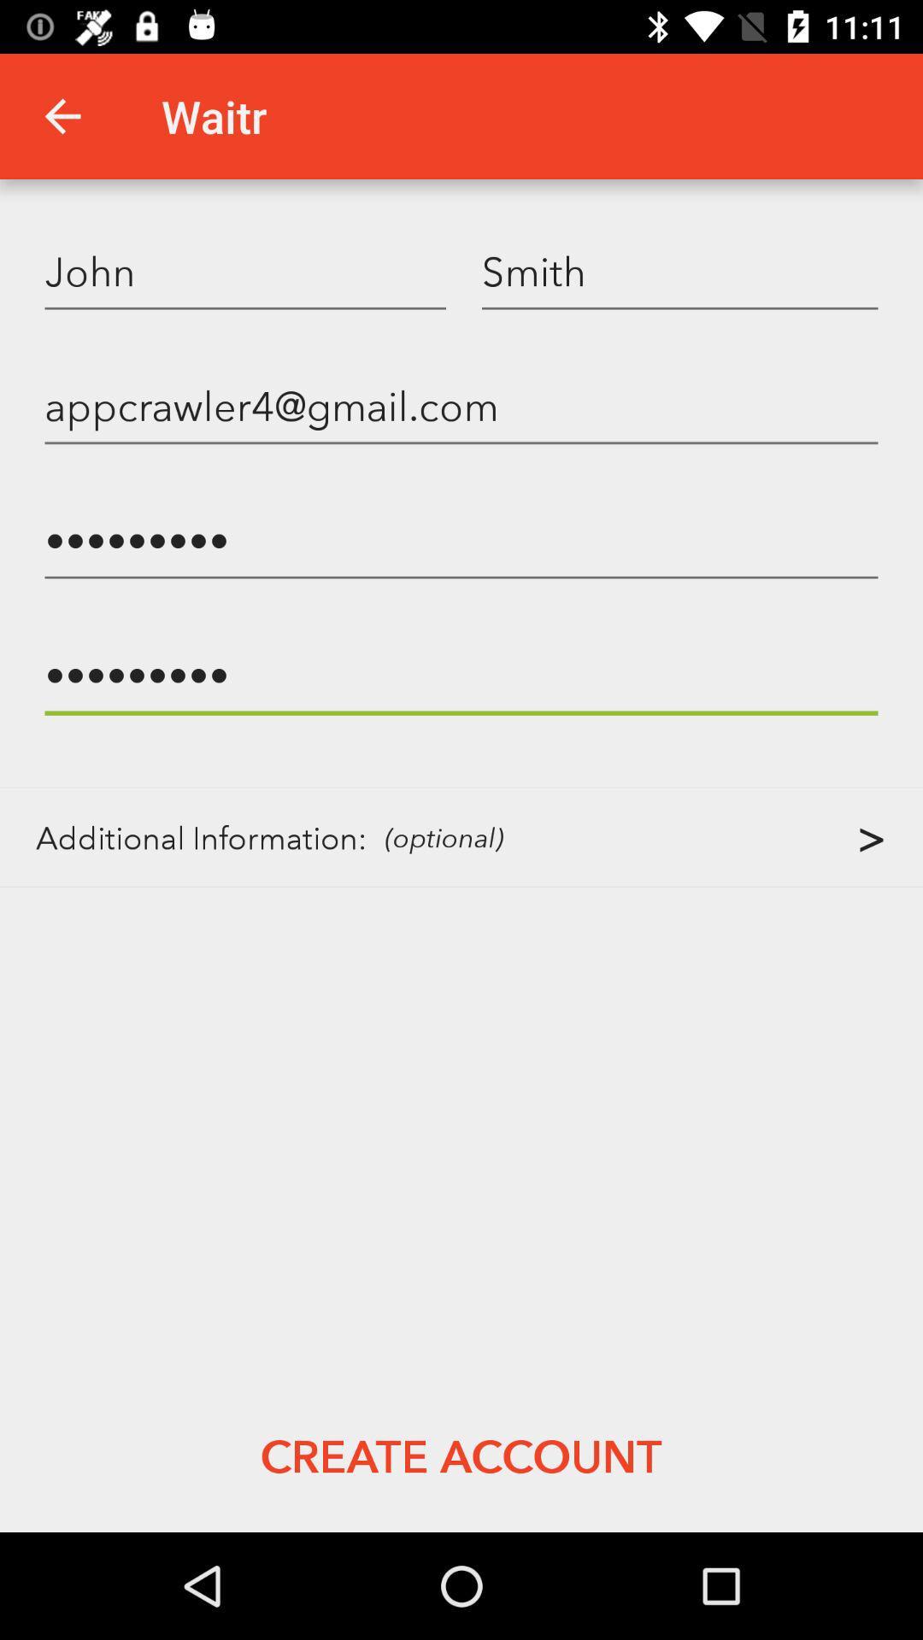 The width and height of the screenshot is (923, 1640). Describe the element at coordinates (245, 270) in the screenshot. I see `john` at that location.